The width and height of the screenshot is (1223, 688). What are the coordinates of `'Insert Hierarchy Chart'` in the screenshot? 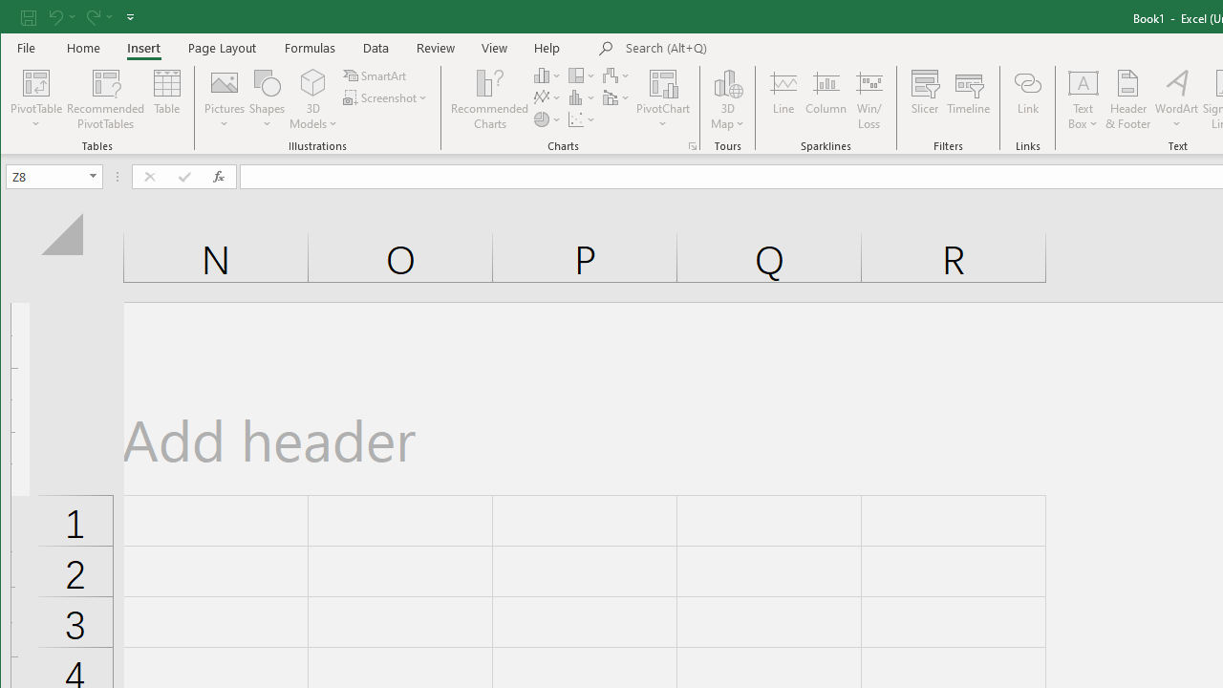 It's located at (581, 75).